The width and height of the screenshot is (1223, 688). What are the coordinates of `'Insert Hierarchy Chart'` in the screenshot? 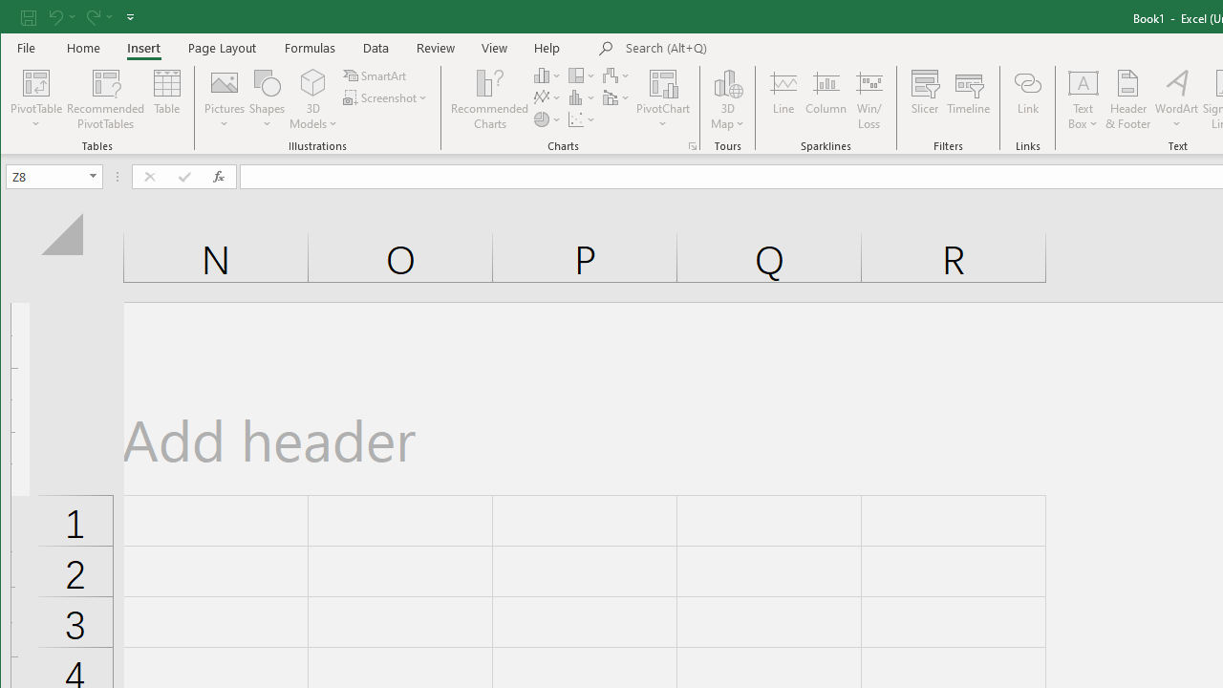 It's located at (581, 75).